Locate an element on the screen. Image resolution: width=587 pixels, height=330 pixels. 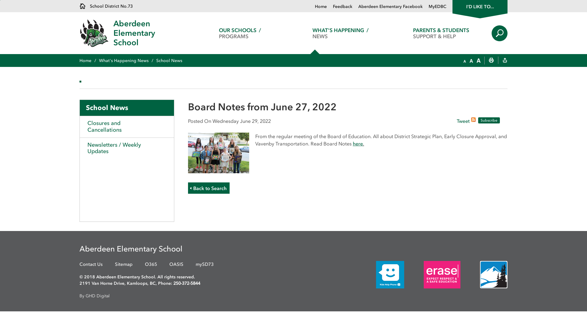
'School District No.73' is located at coordinates (106, 6).